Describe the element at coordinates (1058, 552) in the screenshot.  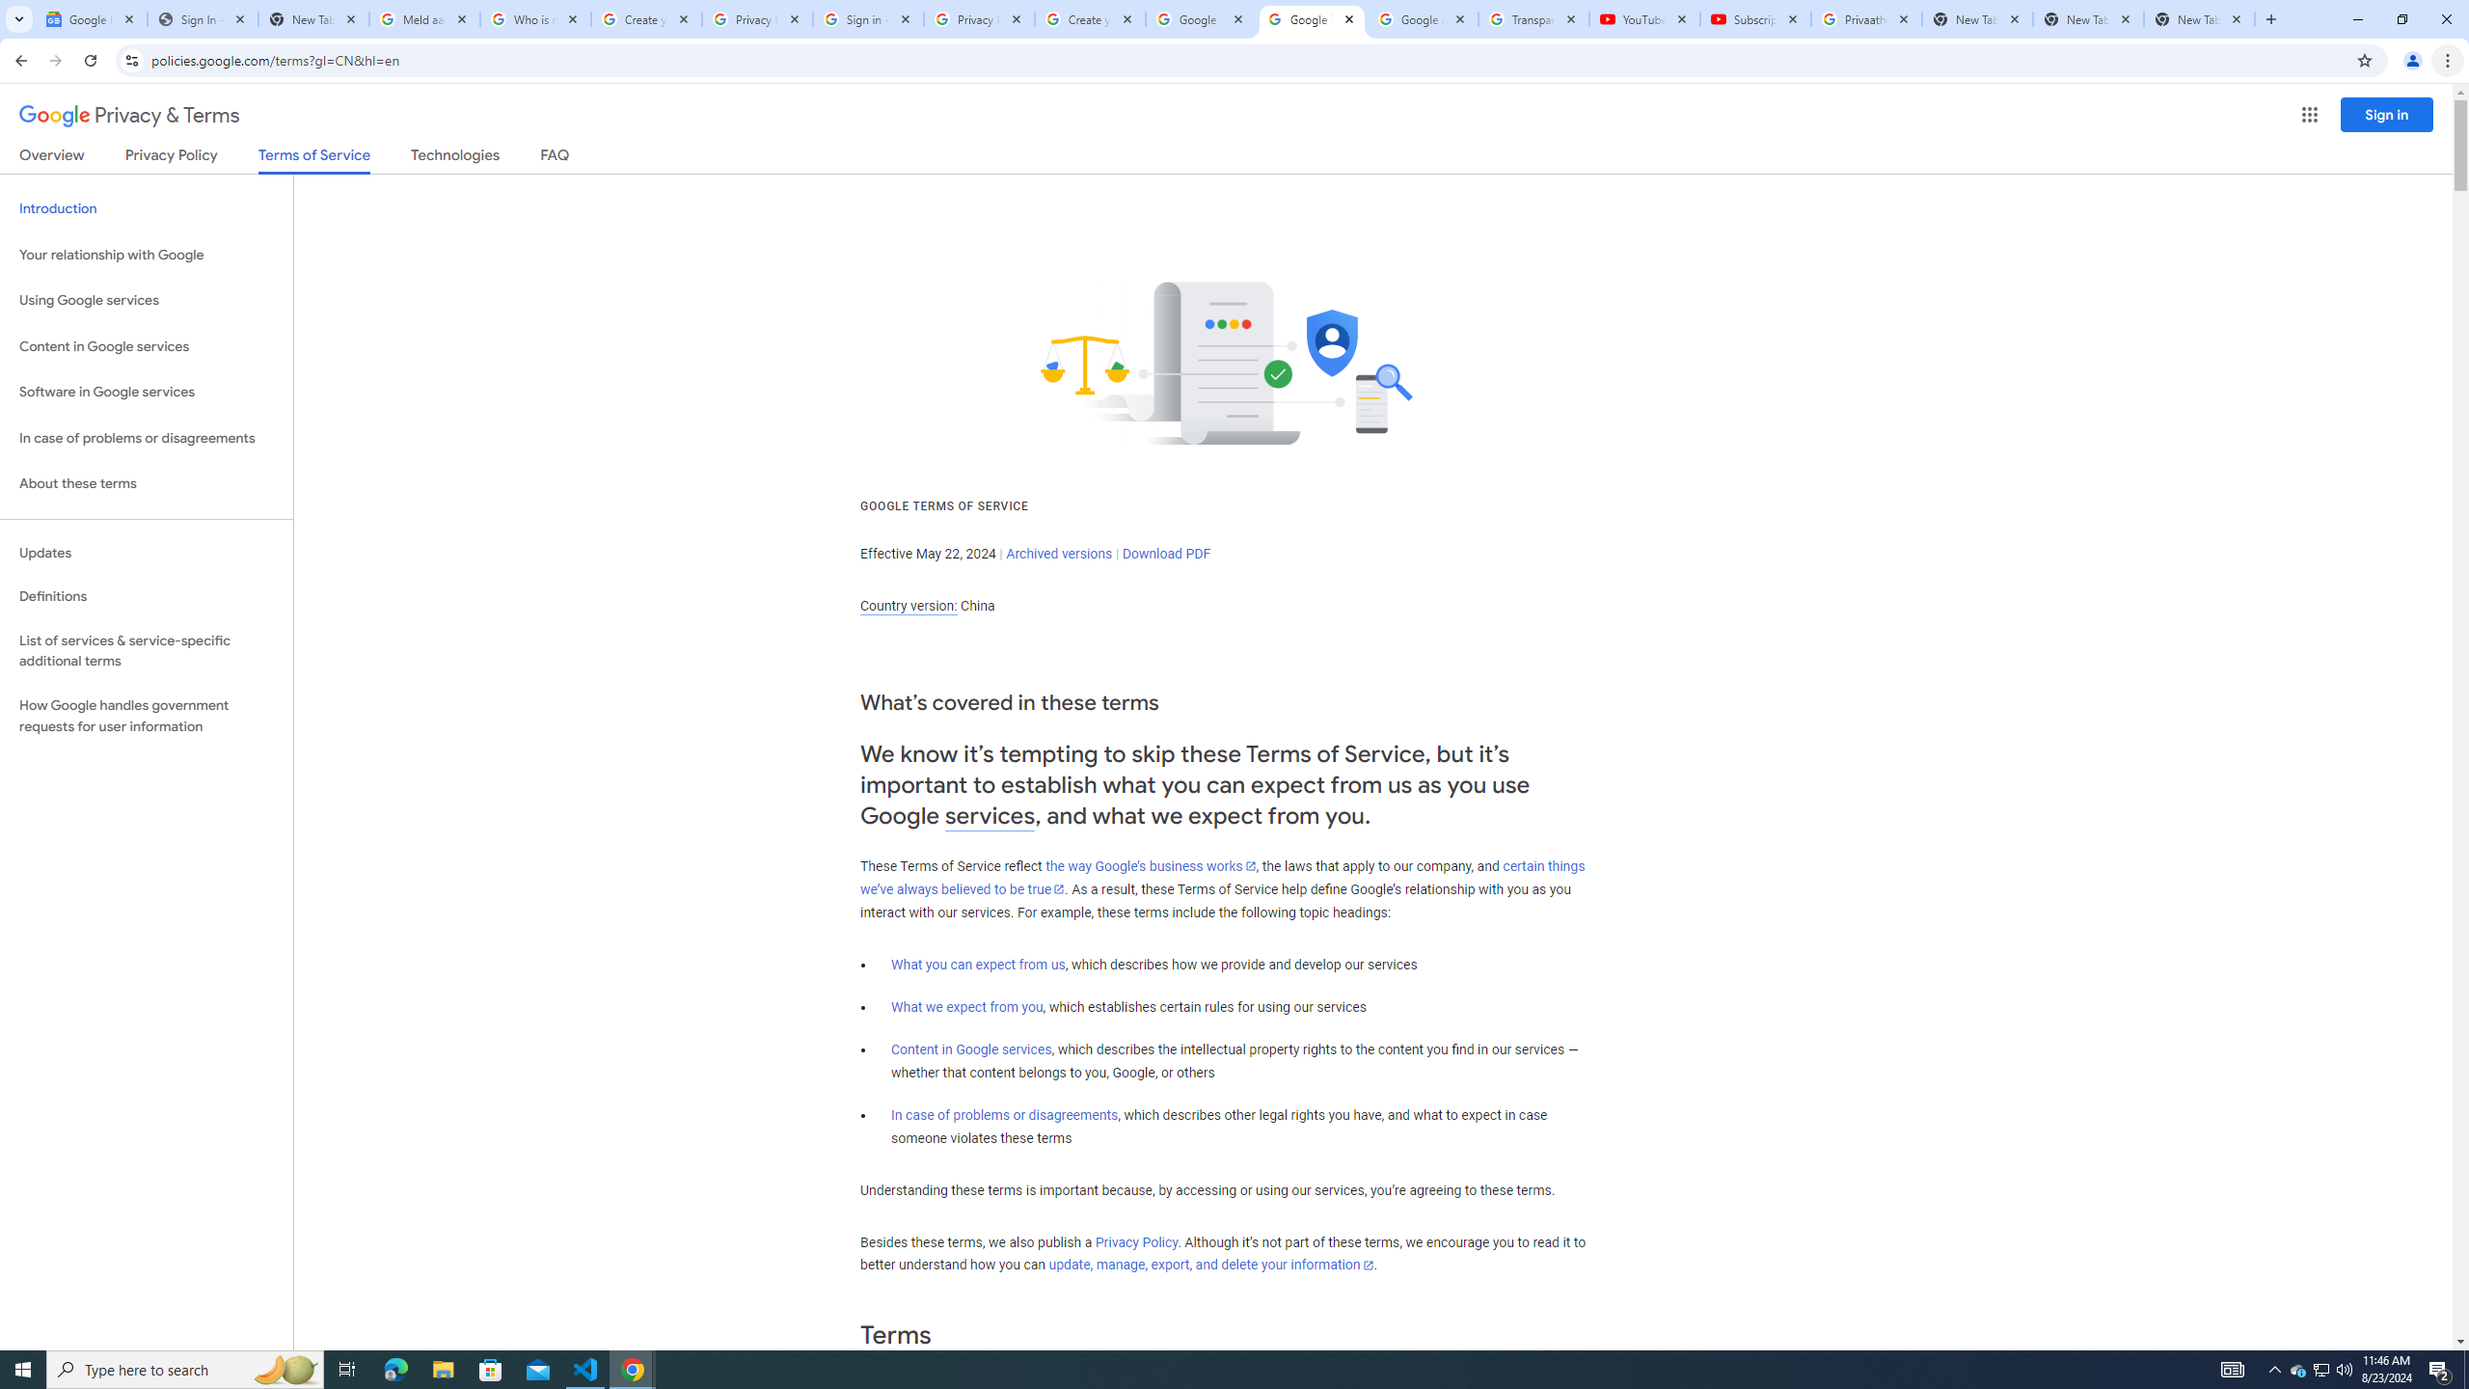
I see `'Archived versions'` at that location.